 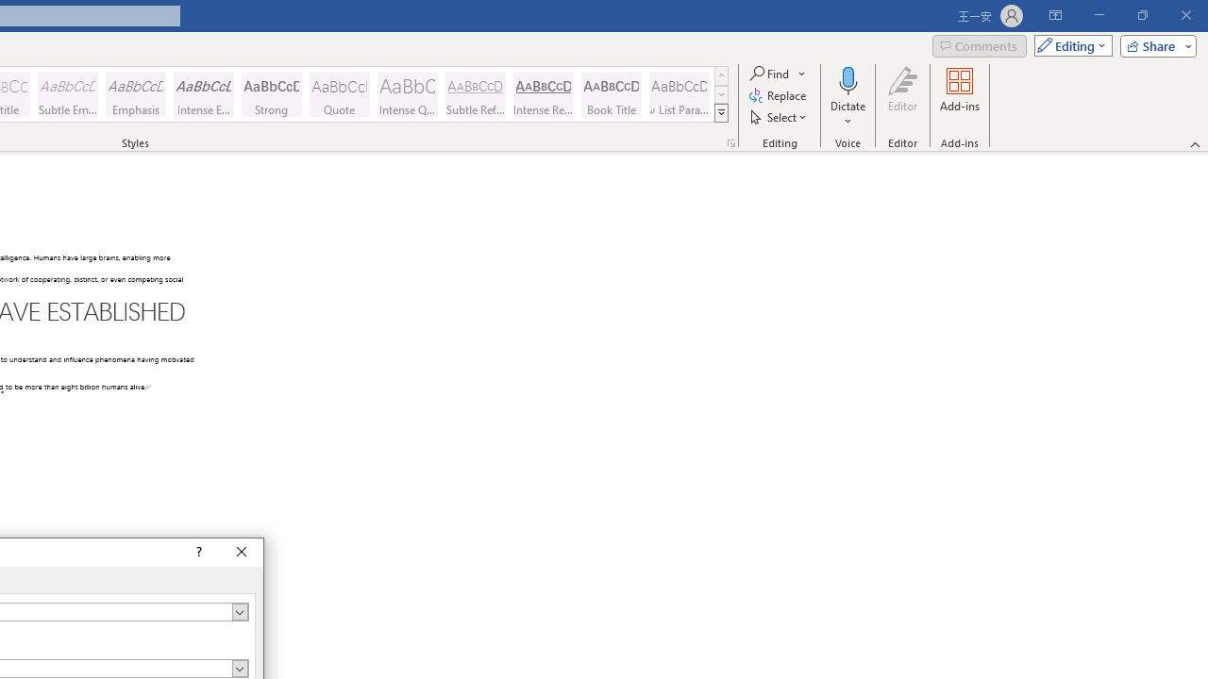 I want to click on 'Intense Quote', so click(x=407, y=94).